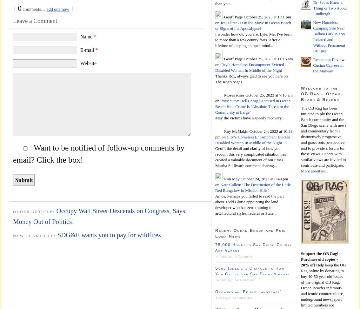 The image size is (360, 309). What do you see at coordinates (253, 25) in the screenshot?
I see `'Jesus Freaks On the Move in Ocean Beach or Signs of the Apocalypse?'` at bounding box center [253, 25].